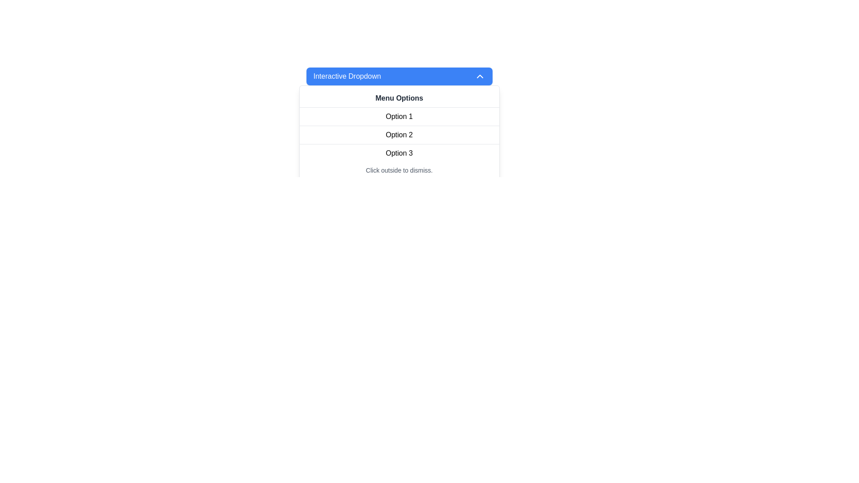  I want to click on the third option in the dropdown menu labeled 'Interactive Dropdown', so click(399, 153).